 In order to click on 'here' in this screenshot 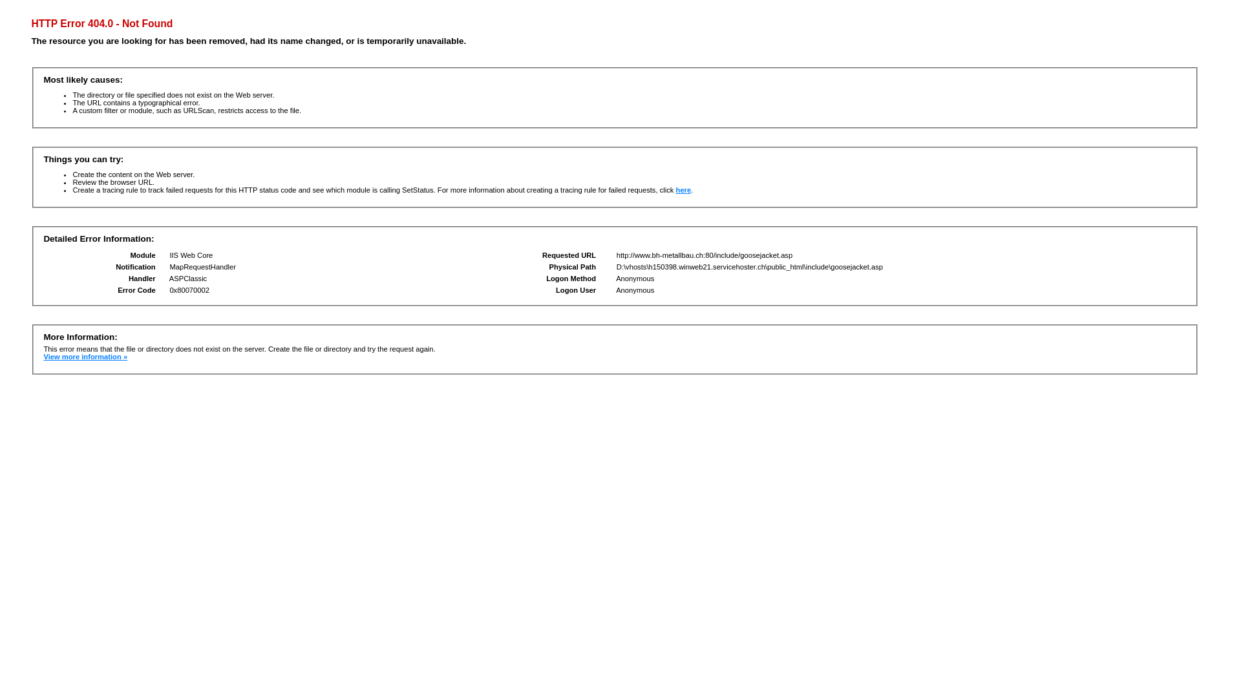, I will do `click(683, 189)`.